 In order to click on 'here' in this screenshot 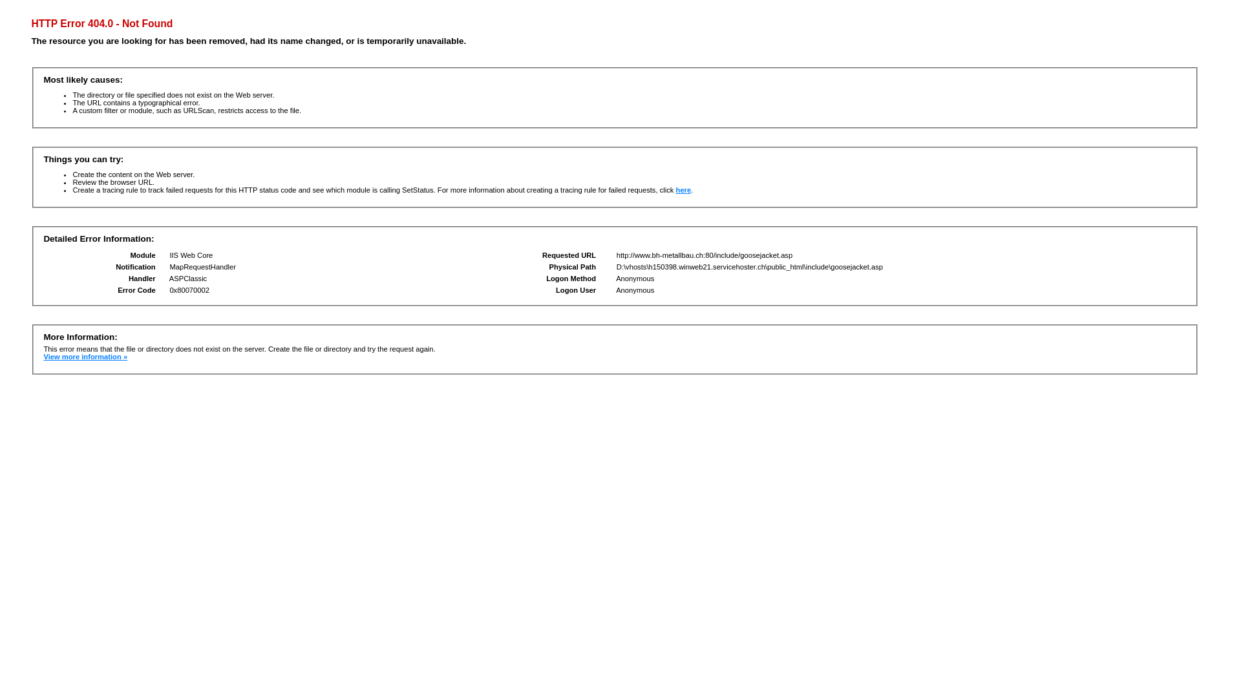, I will do `click(683, 189)`.